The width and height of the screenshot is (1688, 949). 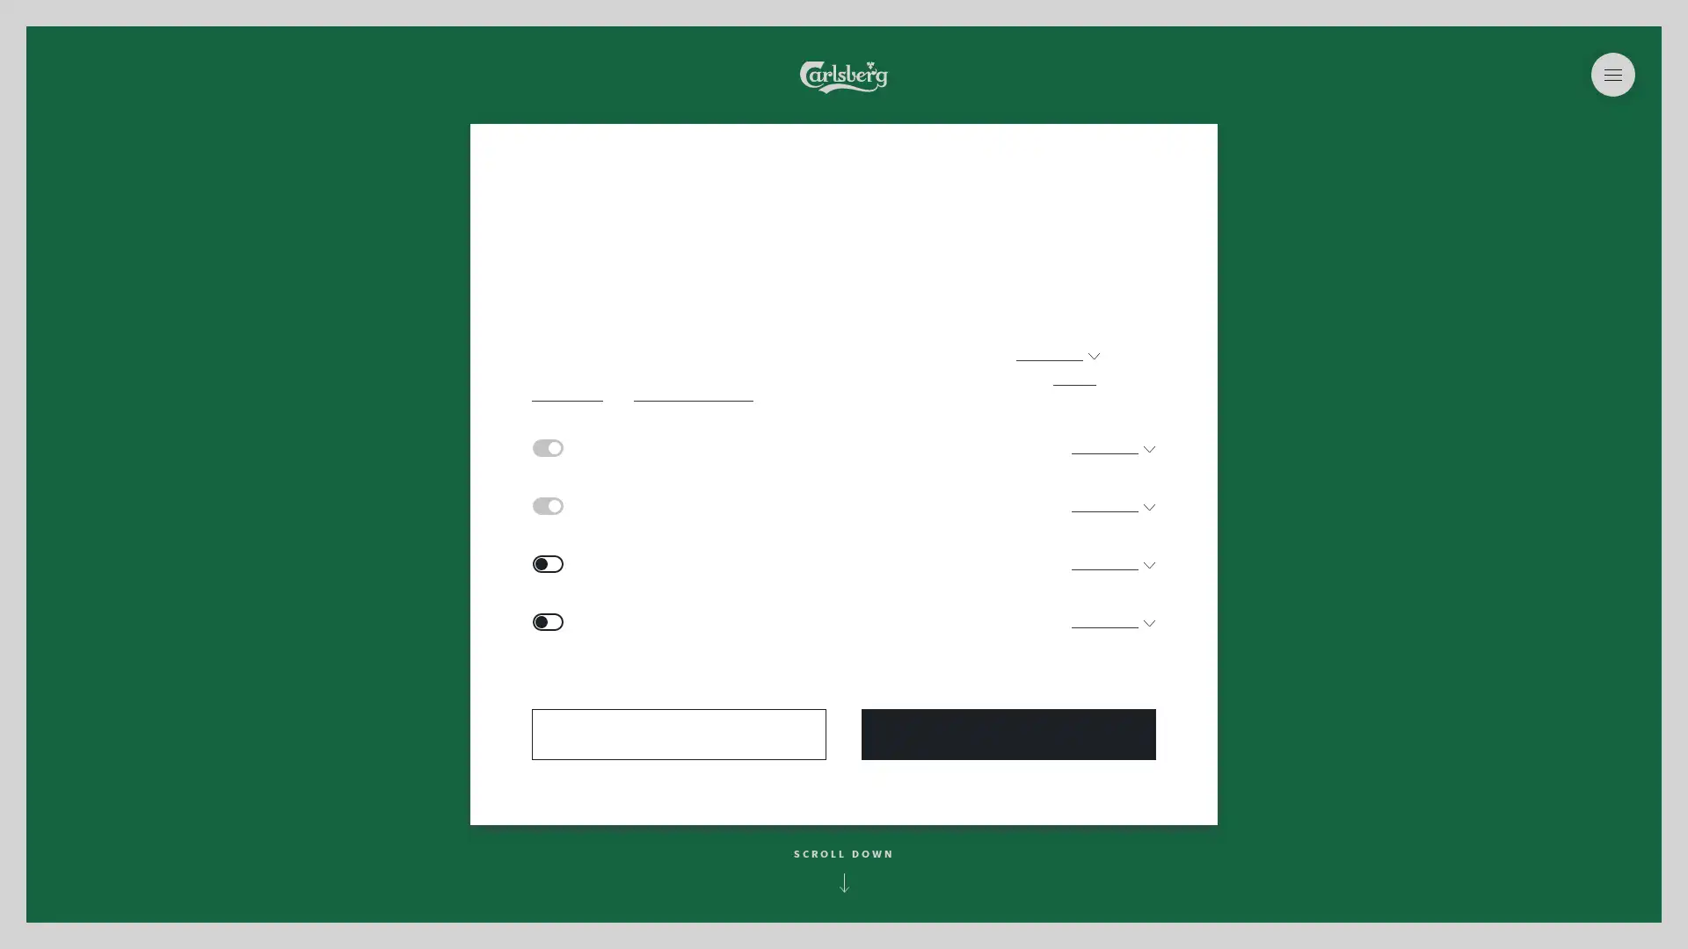 I want to click on ENTER, so click(x=844, y=668).